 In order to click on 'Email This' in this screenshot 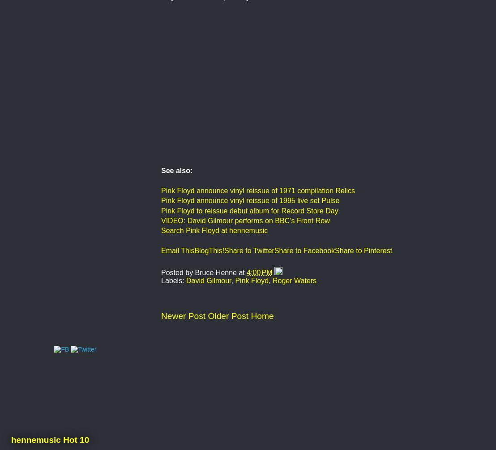, I will do `click(160, 250)`.